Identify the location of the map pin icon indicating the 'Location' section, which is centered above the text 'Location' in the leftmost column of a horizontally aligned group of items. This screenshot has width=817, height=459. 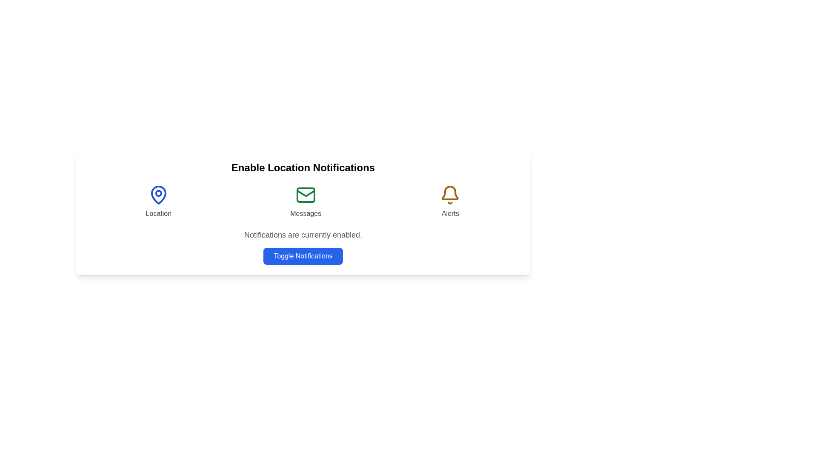
(158, 195).